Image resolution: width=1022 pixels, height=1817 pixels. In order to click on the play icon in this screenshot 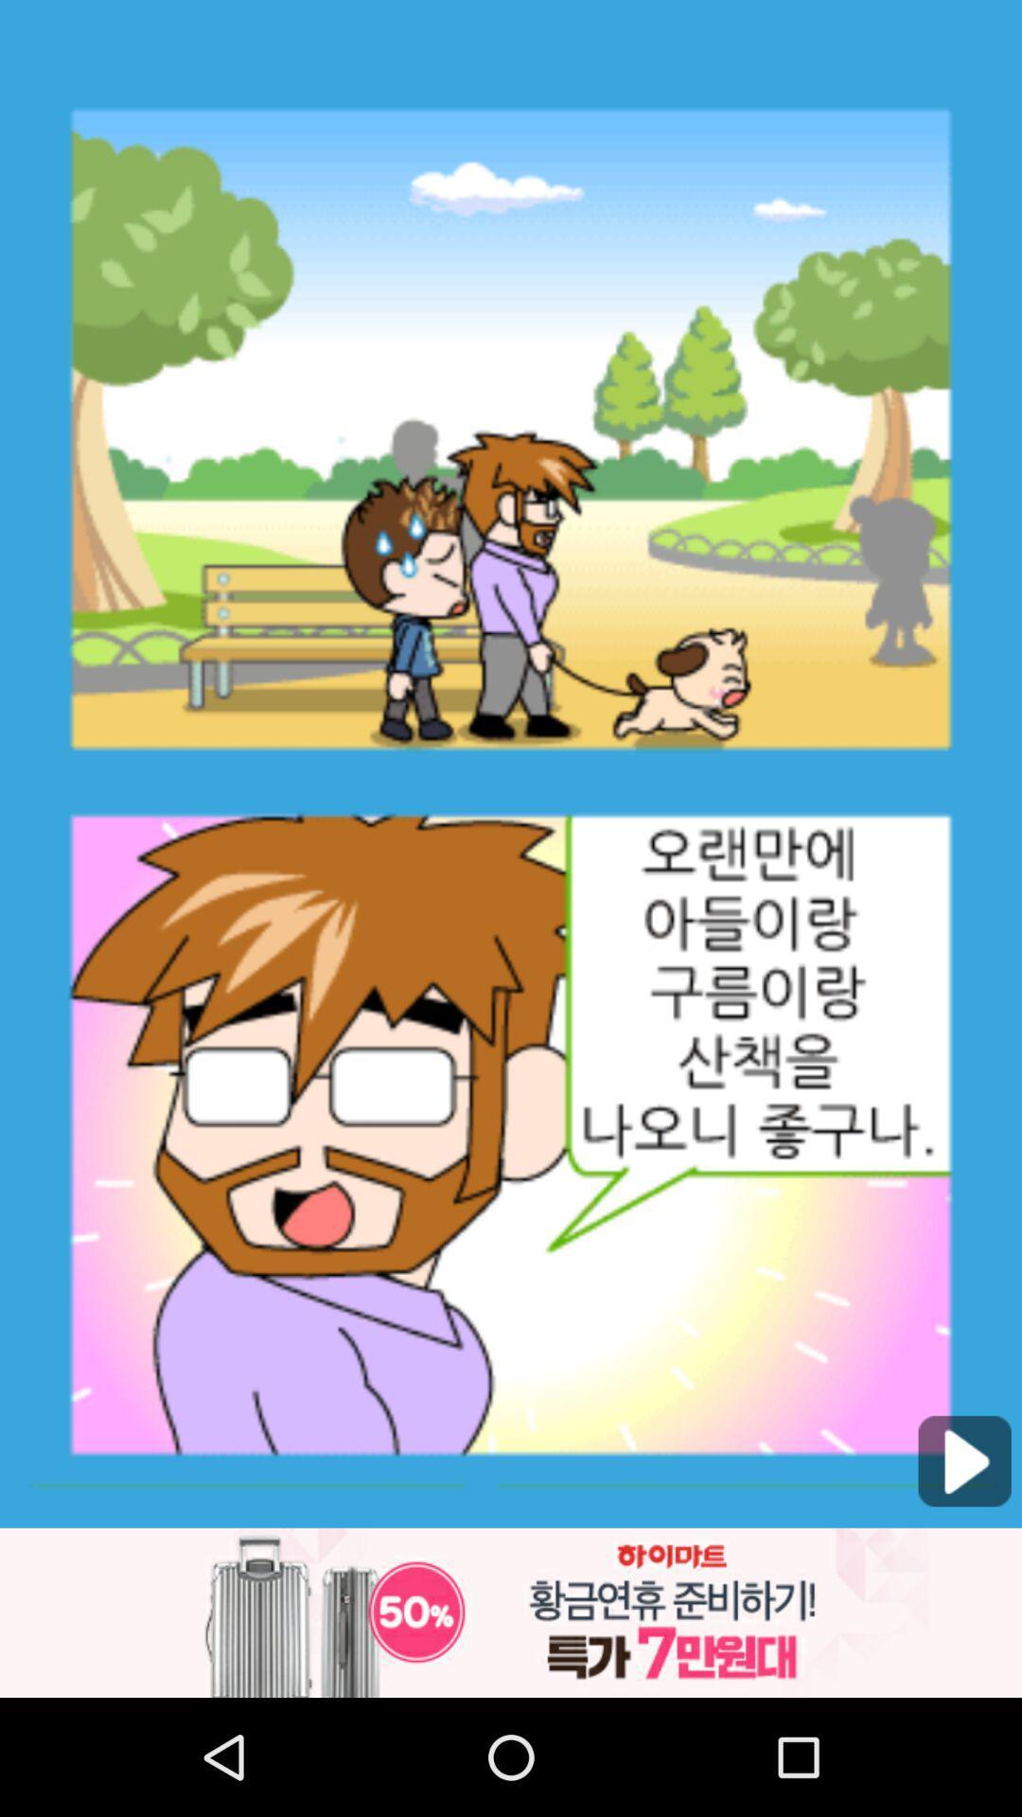, I will do `click(964, 1563)`.